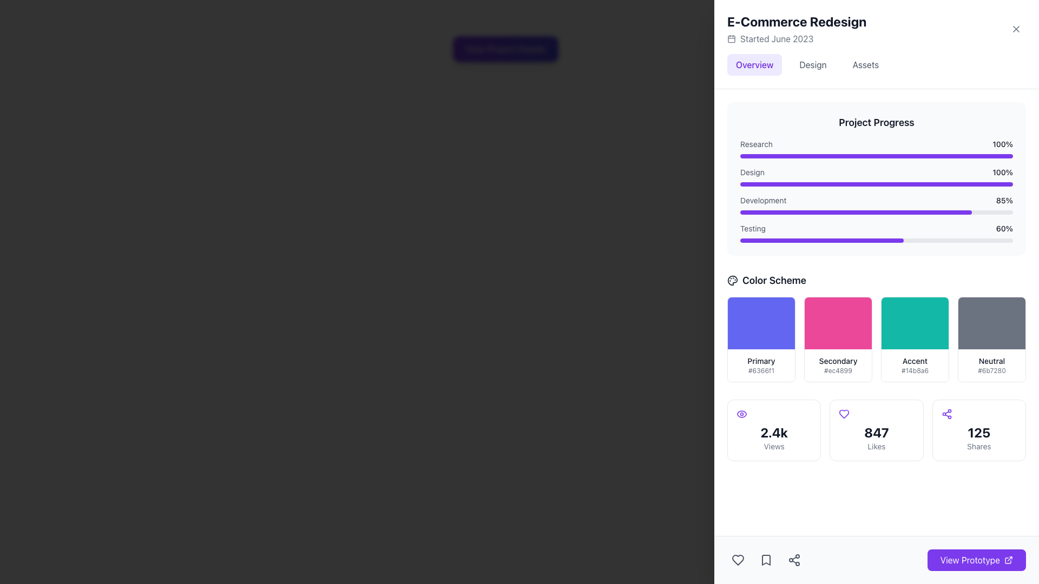  Describe the element at coordinates (877, 148) in the screenshot. I see `percentage text associated with the first progress bar under the 'Project Progress' header, which visually represents the completion of the research aspect of the project` at that location.